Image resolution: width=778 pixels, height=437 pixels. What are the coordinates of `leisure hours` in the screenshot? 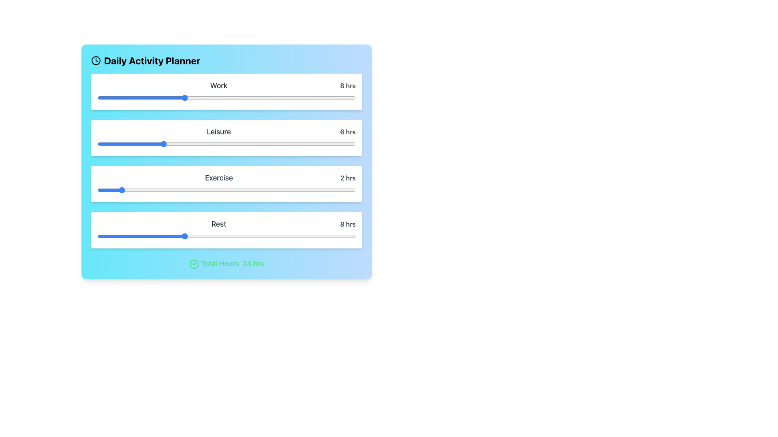 It's located at (312, 143).